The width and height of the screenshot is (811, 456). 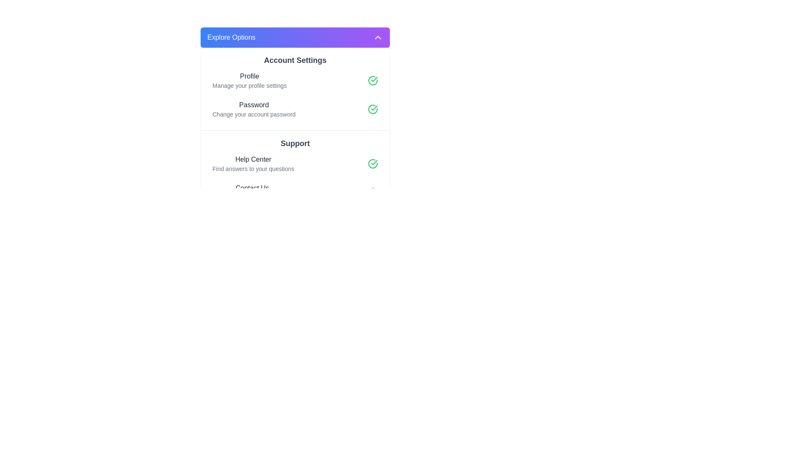 I want to click on the descriptive text located directly below the 'Help Center' heading in the 'Support' section, so click(x=253, y=169).